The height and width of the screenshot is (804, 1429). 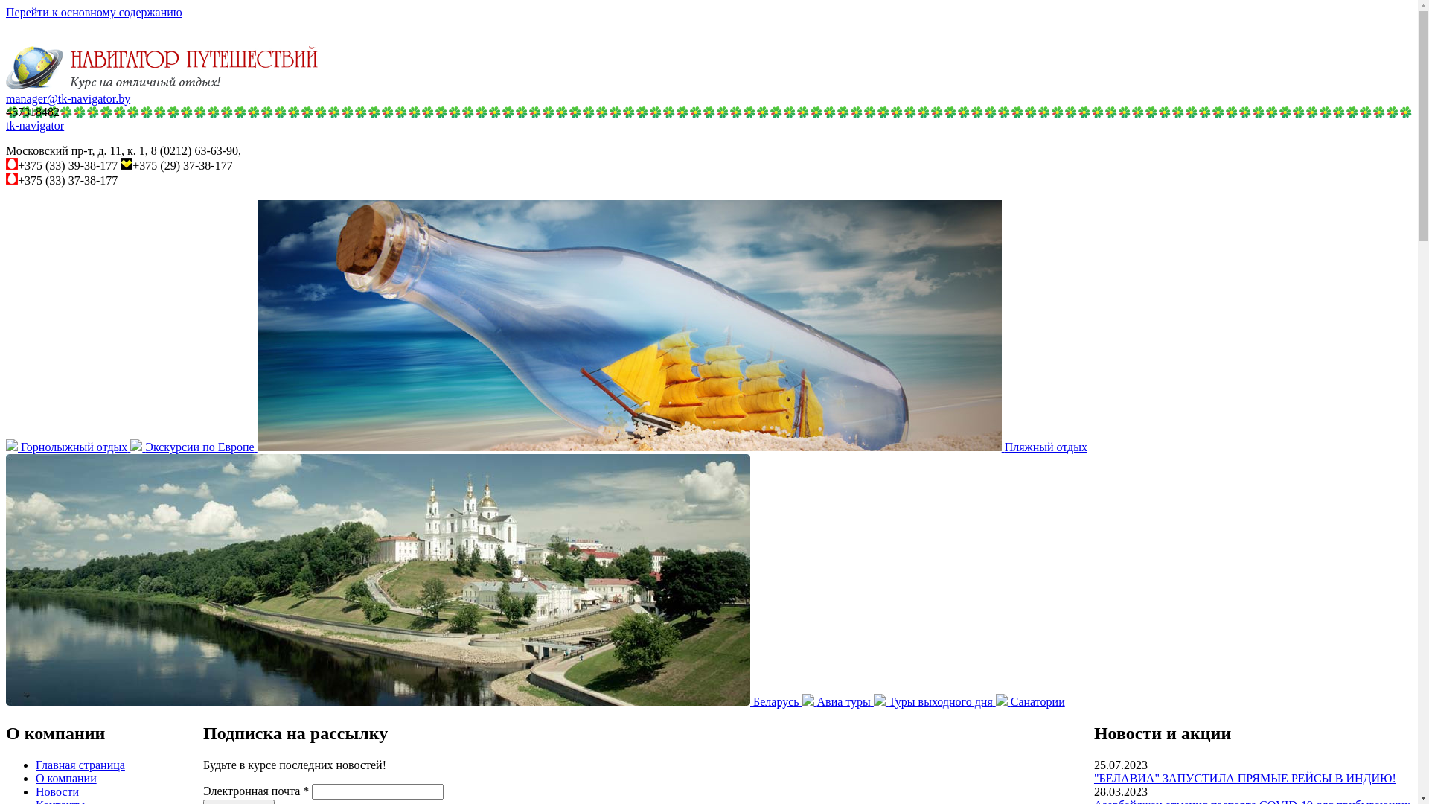 What do you see at coordinates (67, 98) in the screenshot?
I see `'manager@tk-navigator.by'` at bounding box center [67, 98].